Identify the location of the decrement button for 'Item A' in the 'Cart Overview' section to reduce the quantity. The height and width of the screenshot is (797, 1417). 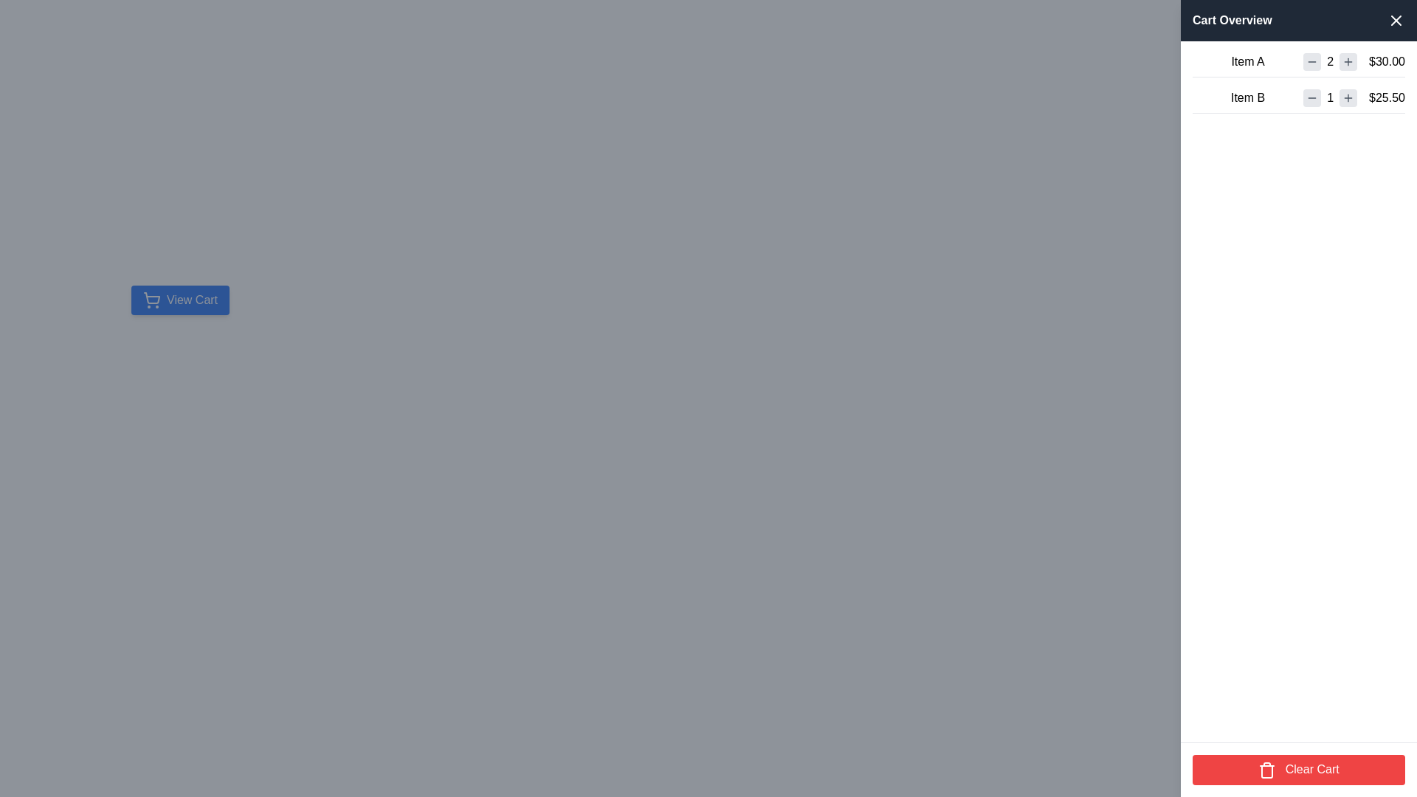
(1312, 61).